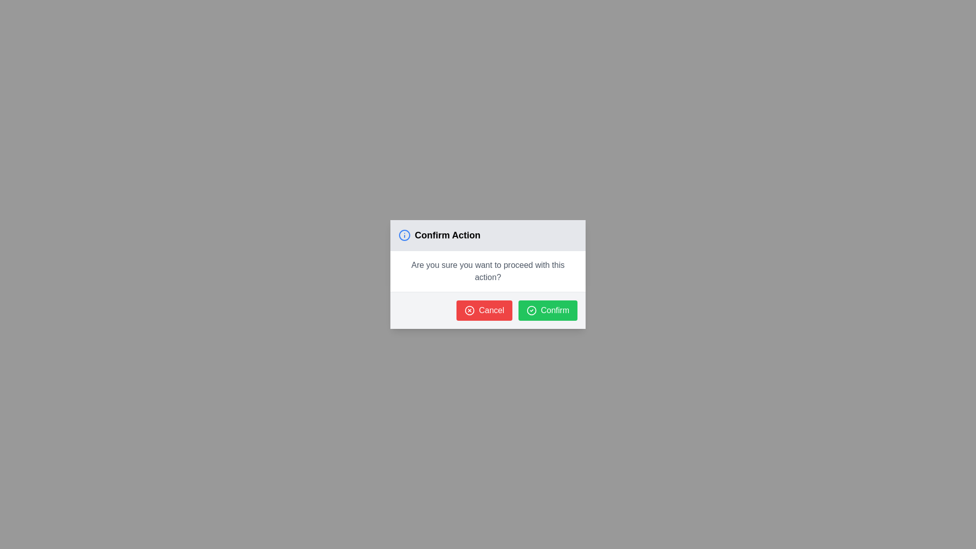 This screenshot has width=976, height=549. I want to click on the 'Cancel' button with a red background and white text, located at the bottom-right section of the modal dialog, so click(484, 310).